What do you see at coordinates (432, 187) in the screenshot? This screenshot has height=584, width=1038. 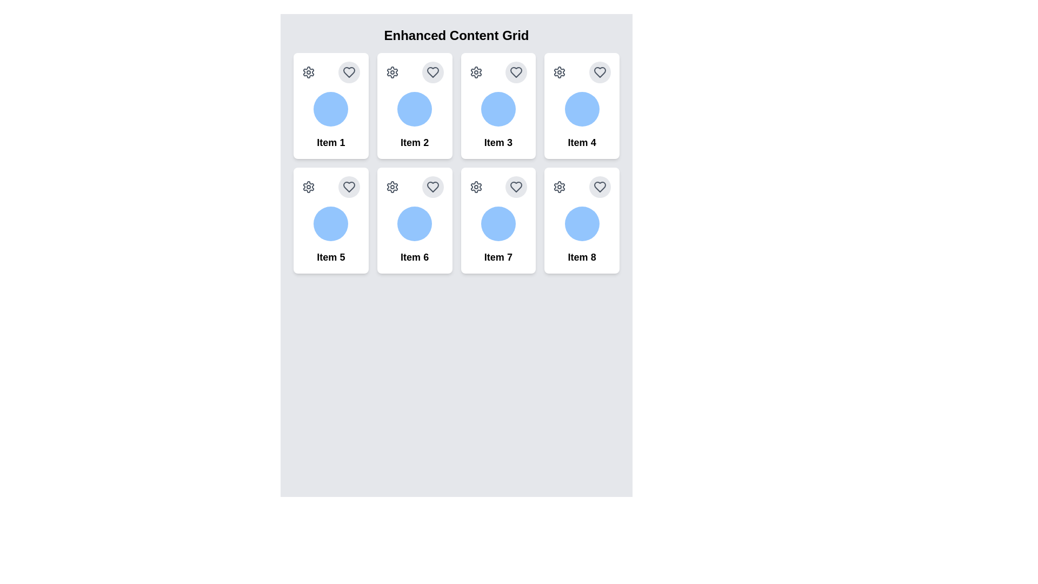 I see `the button in the top-right corner of the 'Item 6' card on the second row` at bounding box center [432, 187].